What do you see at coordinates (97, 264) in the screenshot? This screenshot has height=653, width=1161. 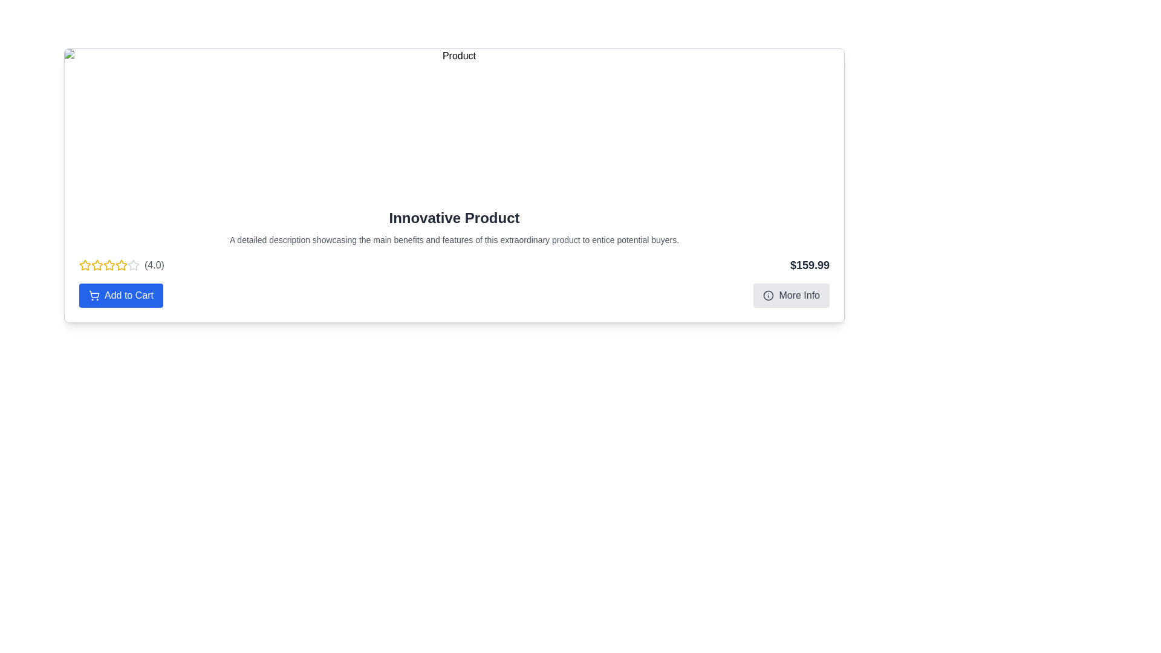 I see `the second star icon in the row of 5 stars that visually indicates the product's user rating, located below the main content section and to the left of the numerical rating '(4.0)'` at bounding box center [97, 264].